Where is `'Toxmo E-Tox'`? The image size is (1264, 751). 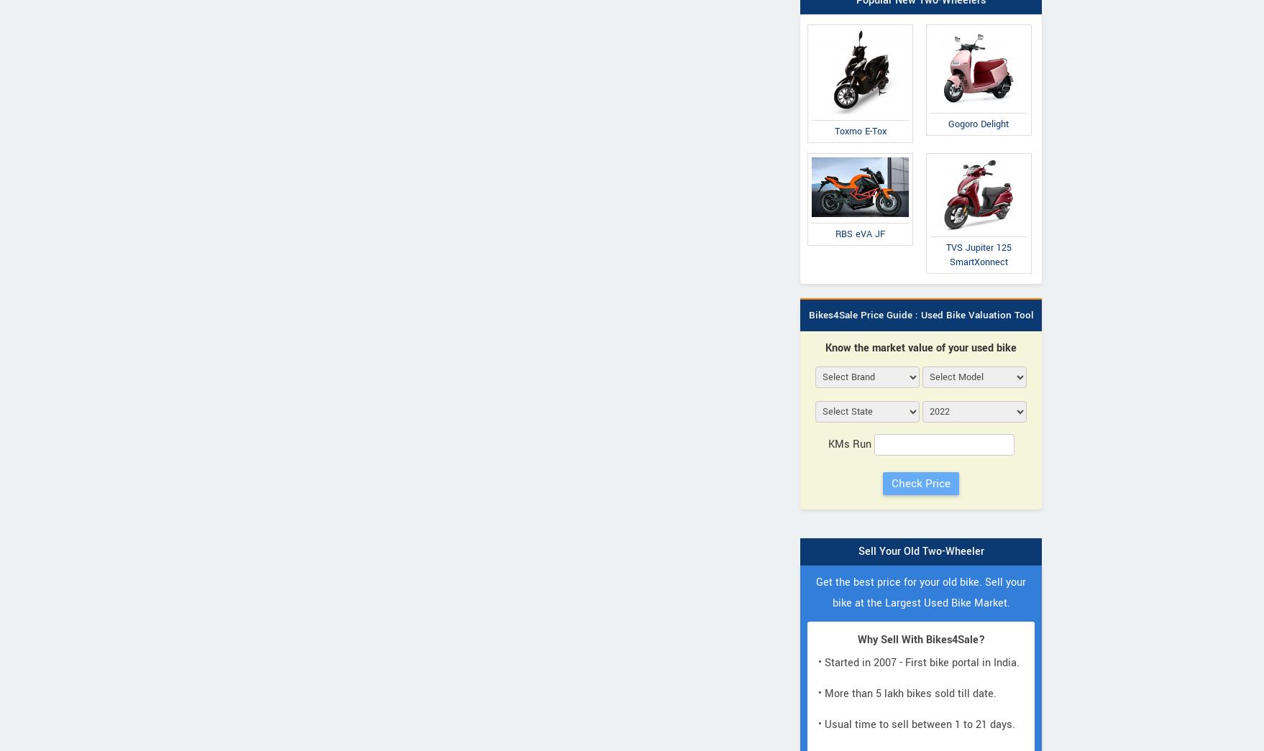 'Toxmo E-Tox' is located at coordinates (859, 131).